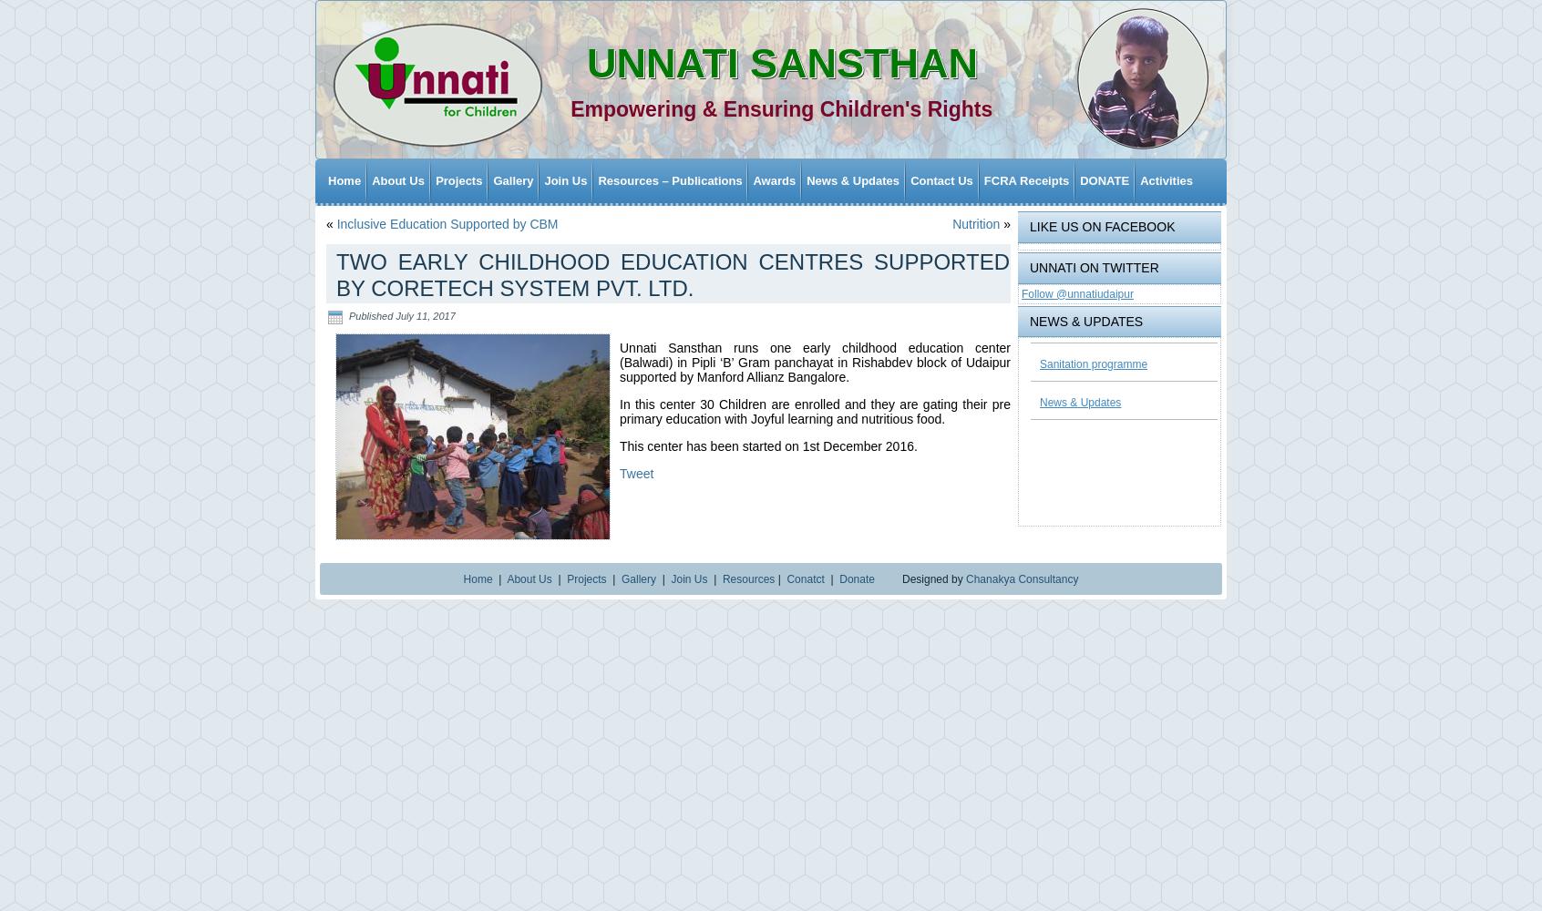  Describe the element at coordinates (594, 833) in the screenshot. I see `'Social Mapping Meeting'` at that location.